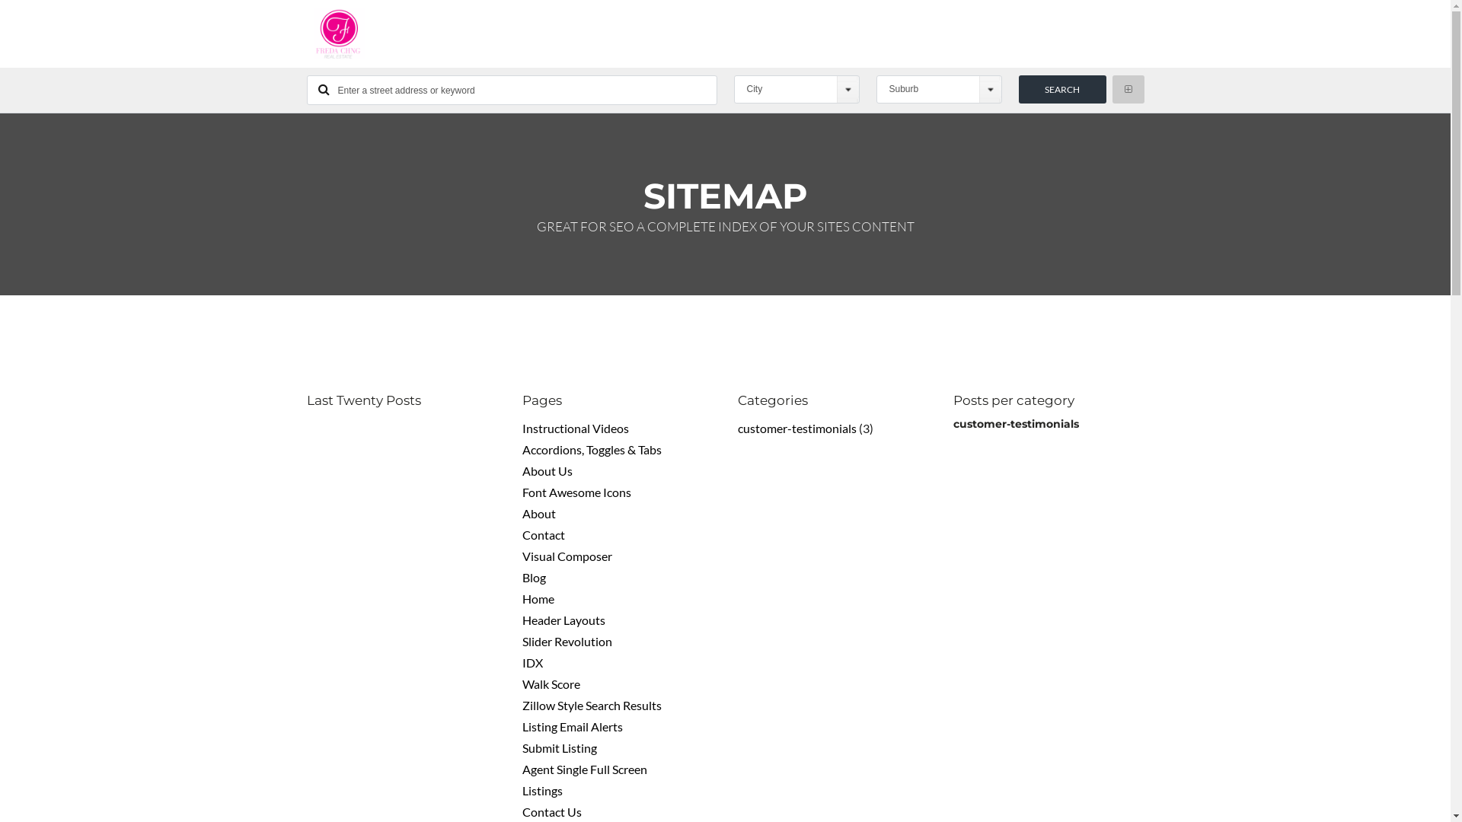 The height and width of the screenshot is (822, 1462). What do you see at coordinates (522, 789) in the screenshot?
I see `'Listings'` at bounding box center [522, 789].